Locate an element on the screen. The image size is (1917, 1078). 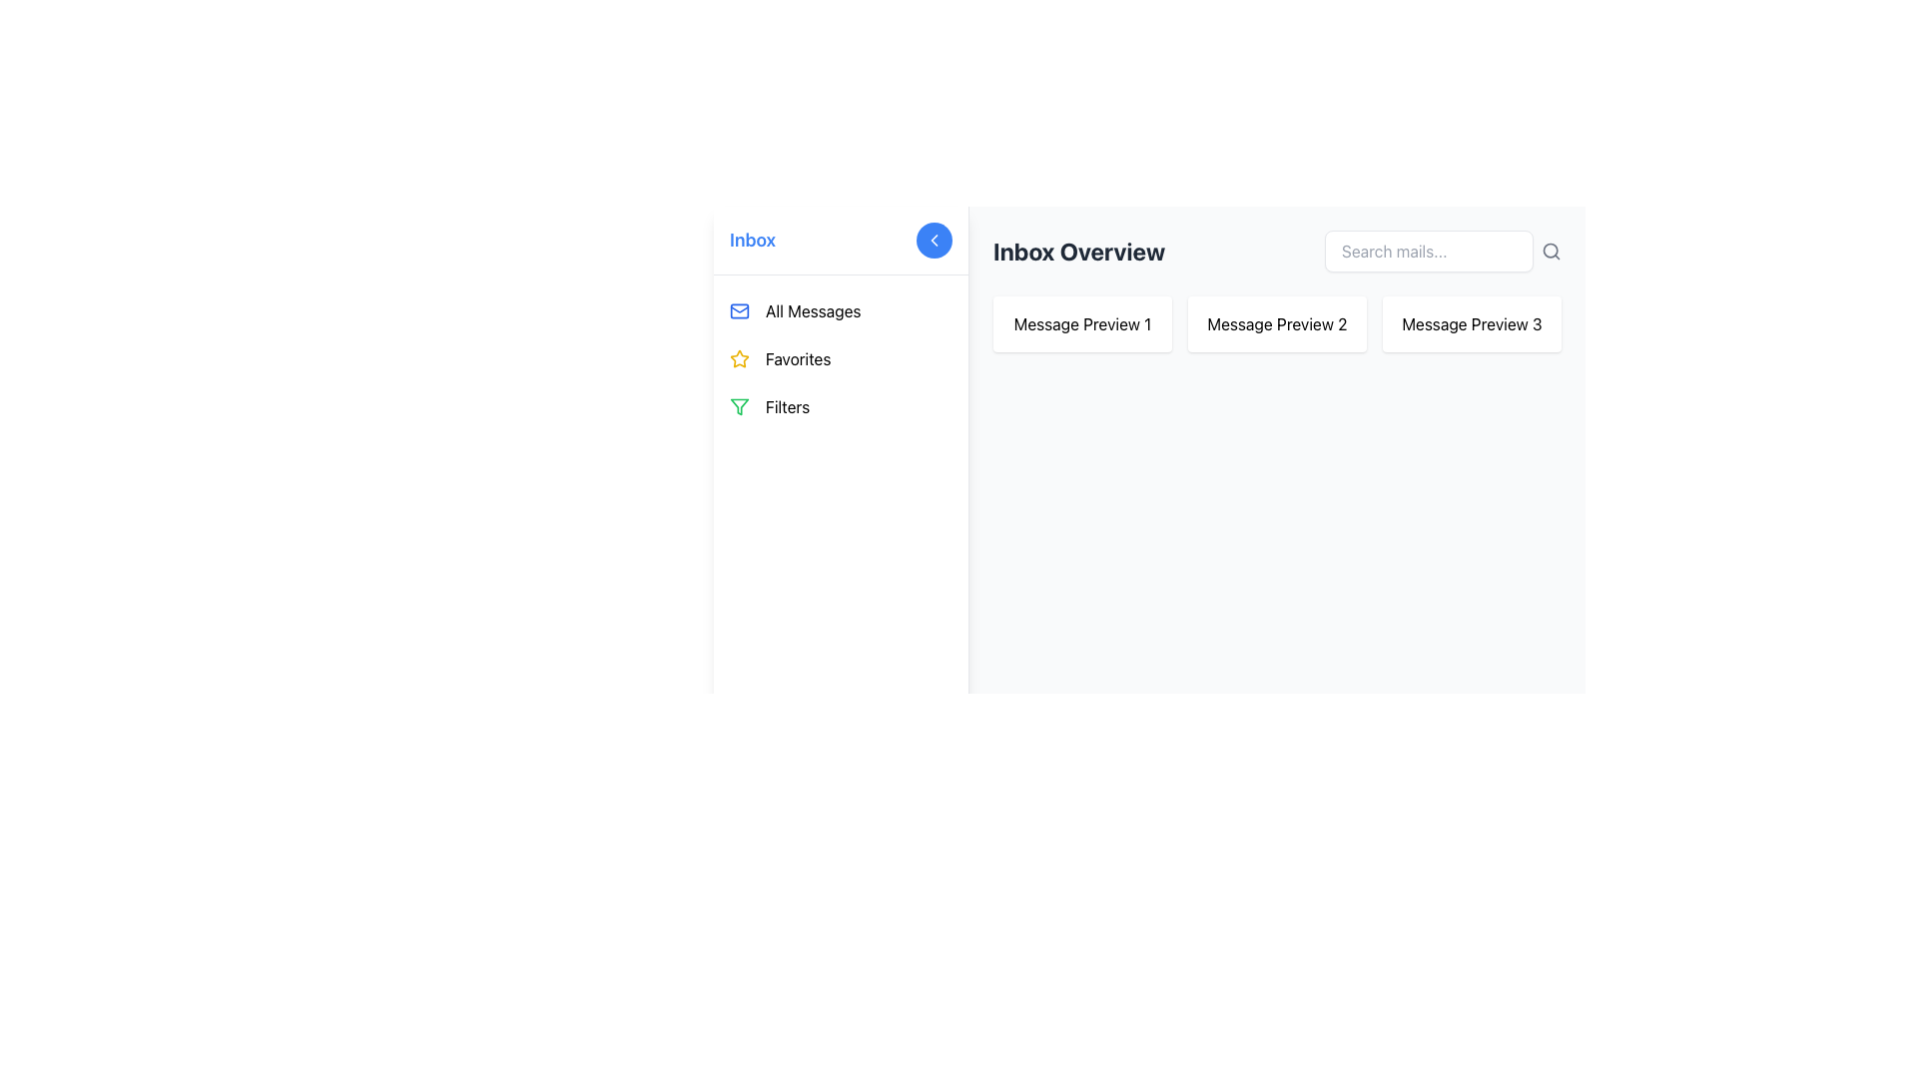
the primary rectangle of the envelope icon located beside the 'Inbox' text in the navigation menu is located at coordinates (738, 311).